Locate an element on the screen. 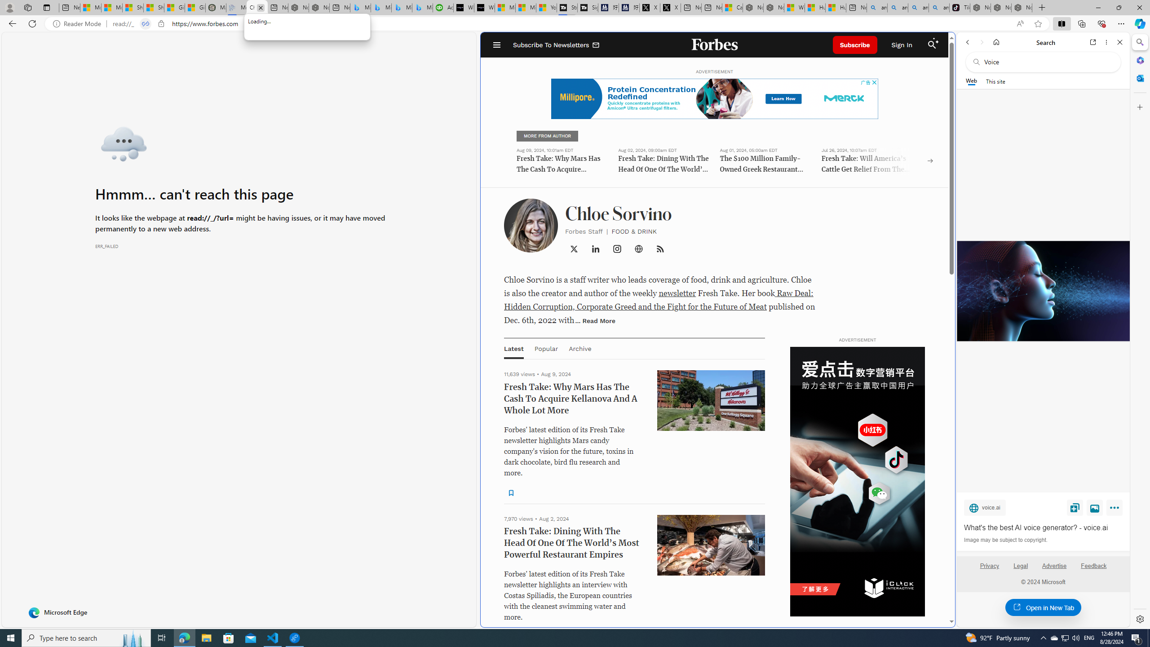 The image size is (1150, 647). 'FOOD & DRINK' is located at coordinates (633, 230).